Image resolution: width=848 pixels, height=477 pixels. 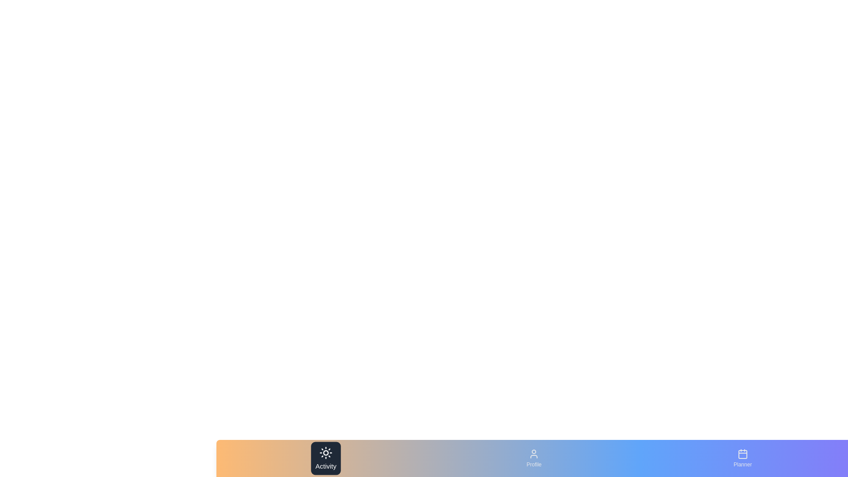 What do you see at coordinates (326, 458) in the screenshot?
I see `the tab labeled Activity to observe visual feedback` at bounding box center [326, 458].